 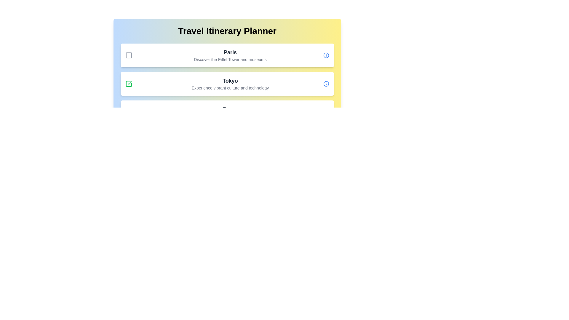 What do you see at coordinates (230, 55) in the screenshot?
I see `the informational text block displaying 'Paris' and its description to highlight the text` at bounding box center [230, 55].